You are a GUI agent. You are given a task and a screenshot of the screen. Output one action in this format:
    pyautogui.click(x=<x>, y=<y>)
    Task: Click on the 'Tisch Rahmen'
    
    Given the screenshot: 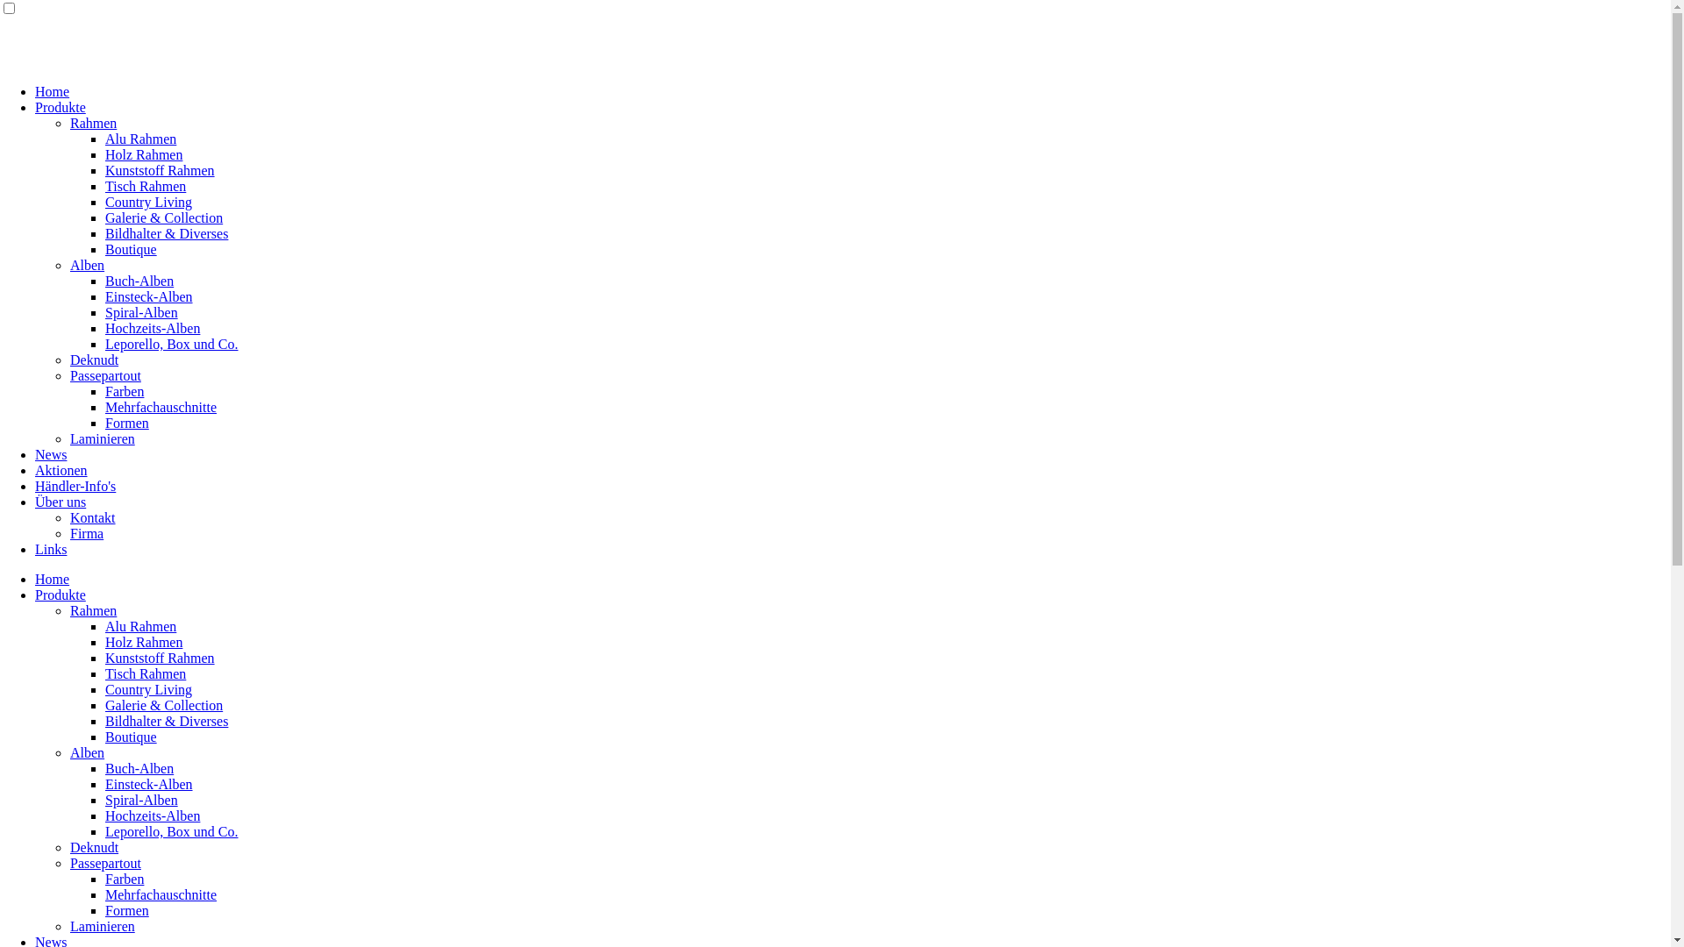 What is the action you would take?
    pyautogui.click(x=146, y=673)
    